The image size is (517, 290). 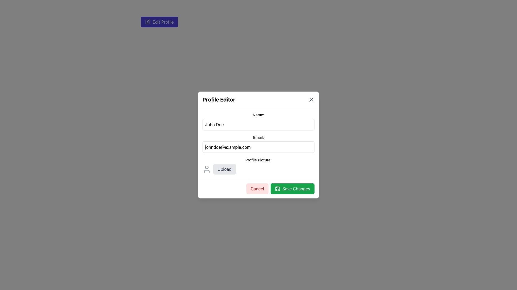 What do you see at coordinates (258, 169) in the screenshot?
I see `the 'Upload' button within the 'Profile Editor' modal to upload a file` at bounding box center [258, 169].